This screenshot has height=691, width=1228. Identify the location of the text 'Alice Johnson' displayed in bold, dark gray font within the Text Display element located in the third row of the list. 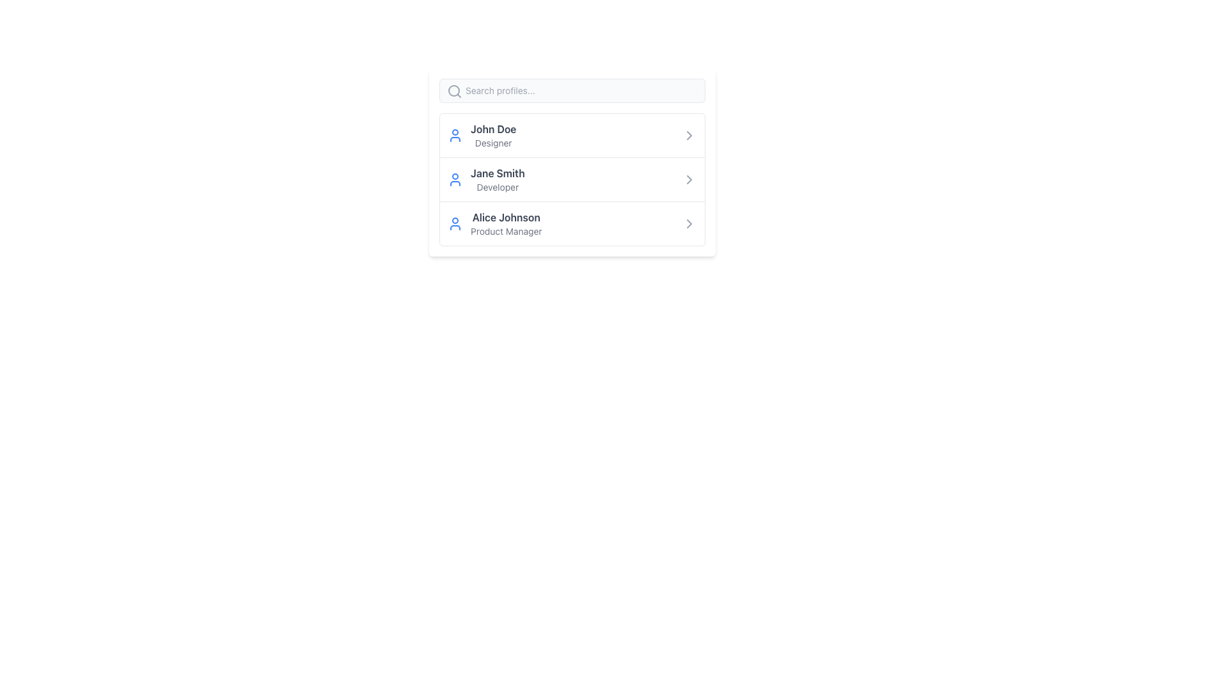
(505, 223).